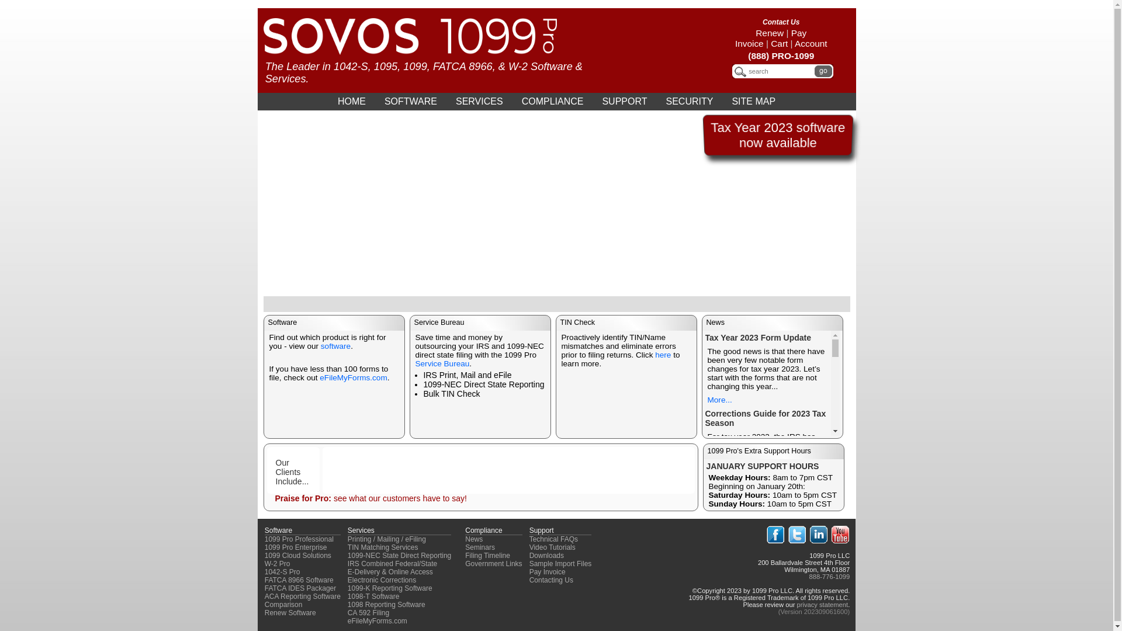 The image size is (1122, 631). Describe the element at coordinates (277, 563) in the screenshot. I see `'W-2 Pro'` at that location.